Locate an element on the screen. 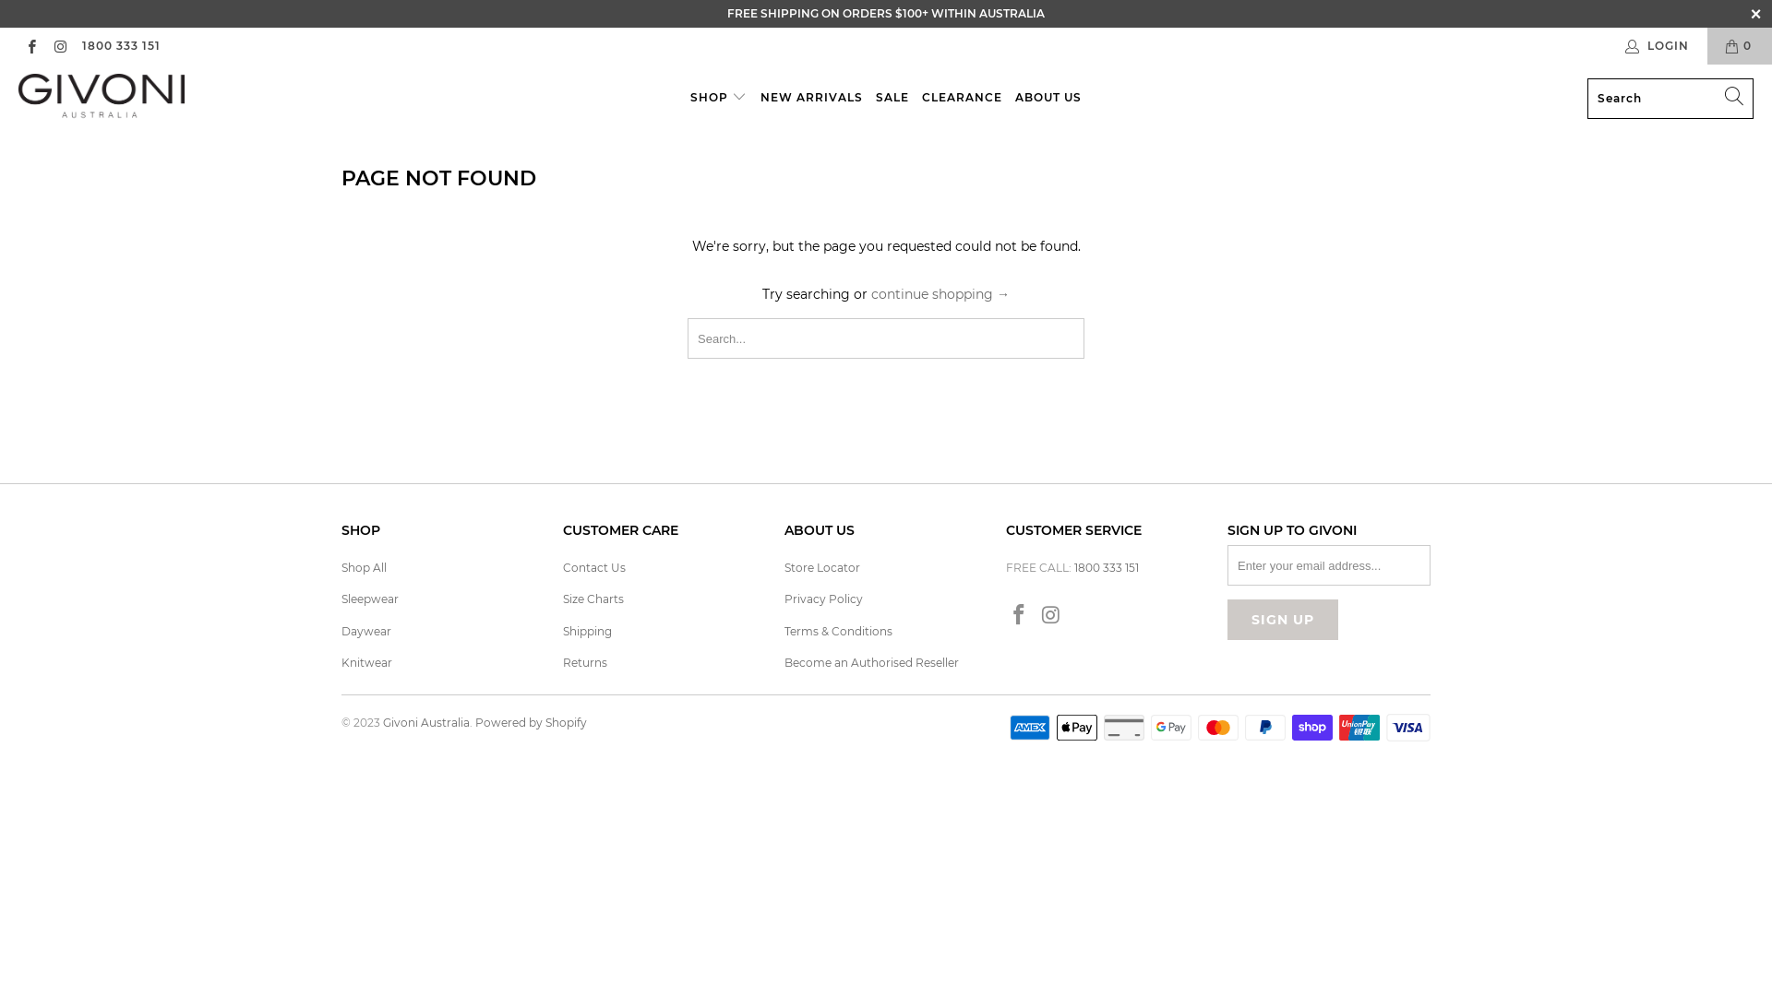 This screenshot has height=996, width=1772. '1800 333 151' is located at coordinates (1107, 566).